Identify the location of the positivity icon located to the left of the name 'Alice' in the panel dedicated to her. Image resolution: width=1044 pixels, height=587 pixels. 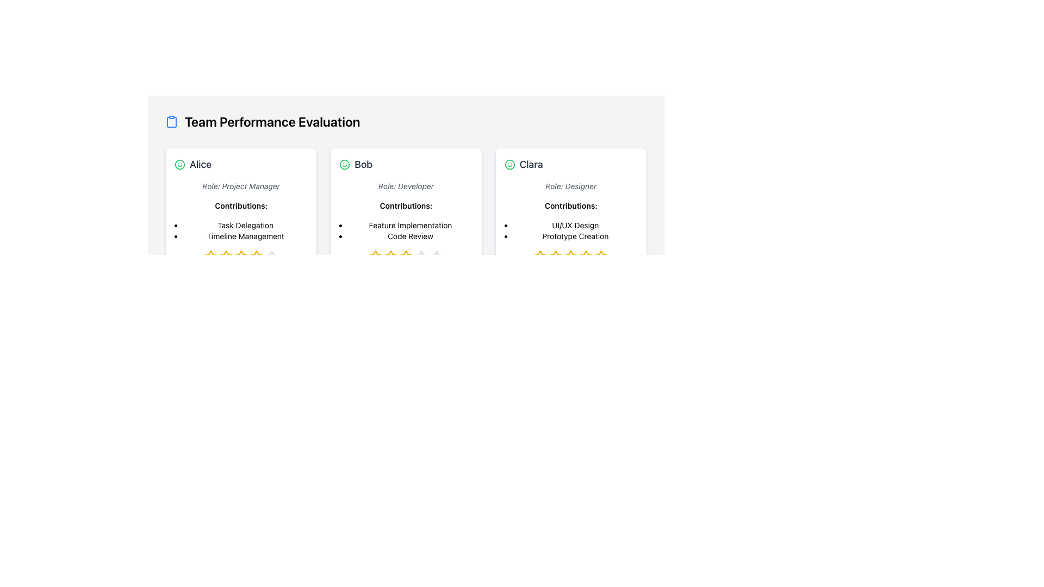
(180, 165).